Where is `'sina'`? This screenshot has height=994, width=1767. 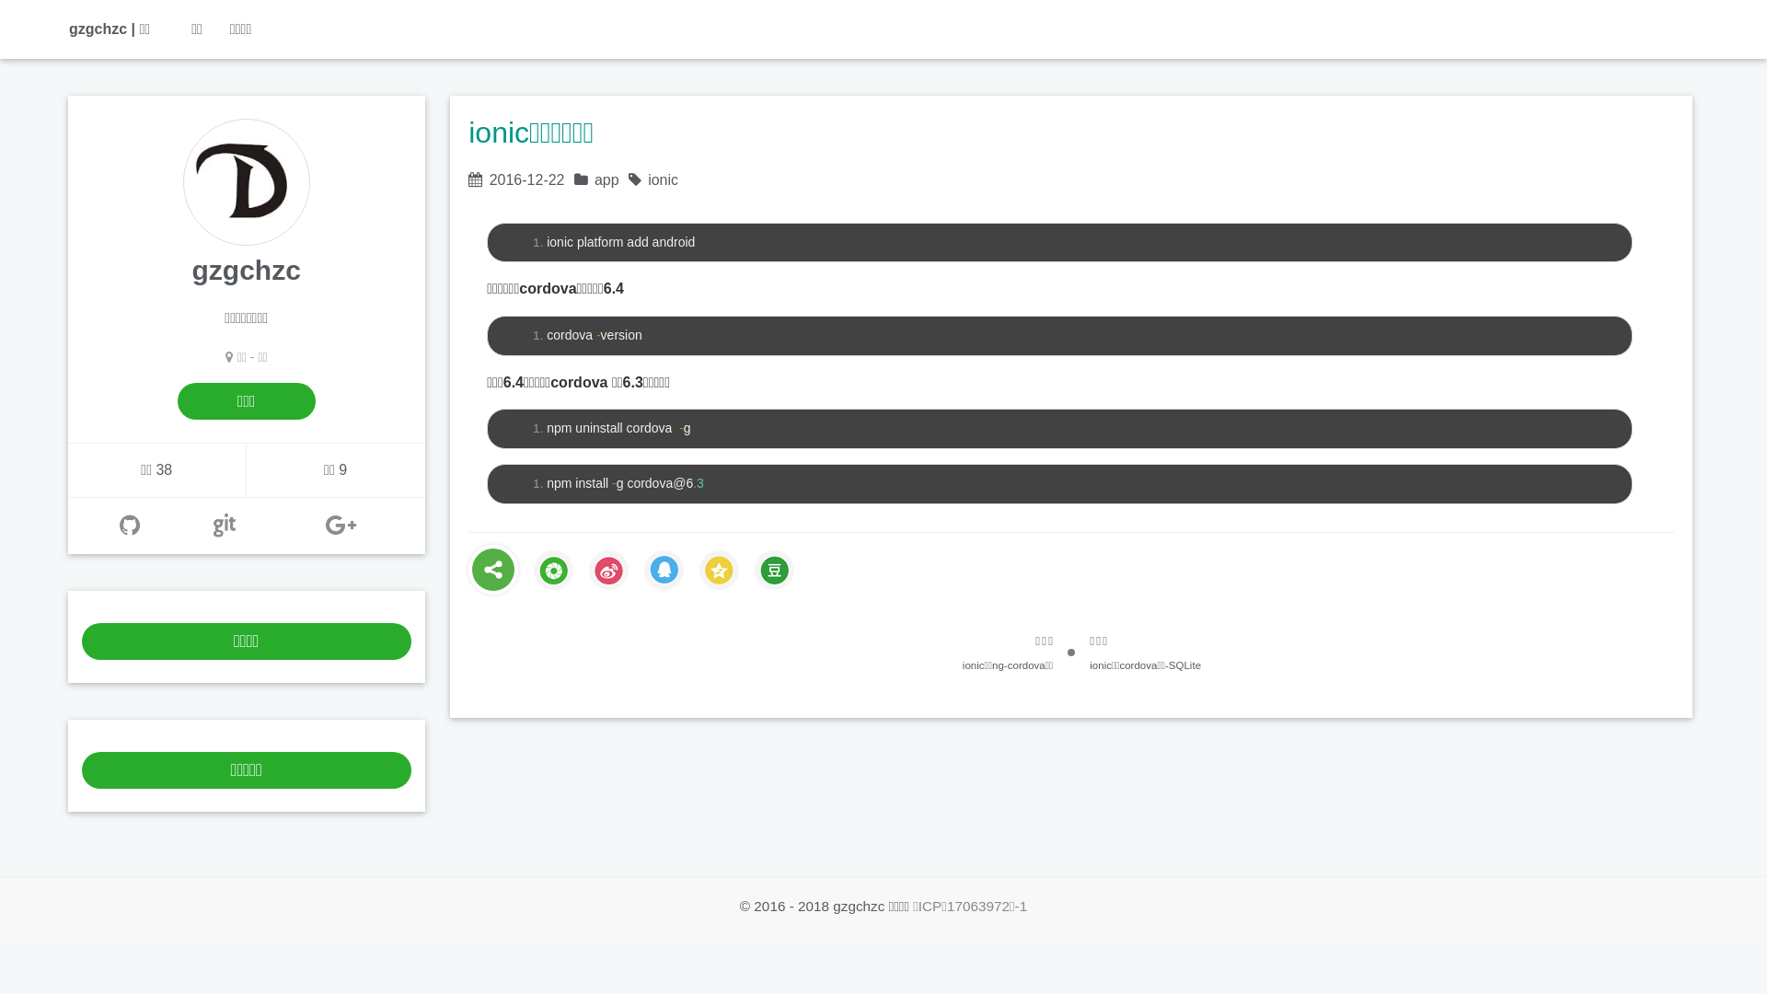 'sina' is located at coordinates (587, 569).